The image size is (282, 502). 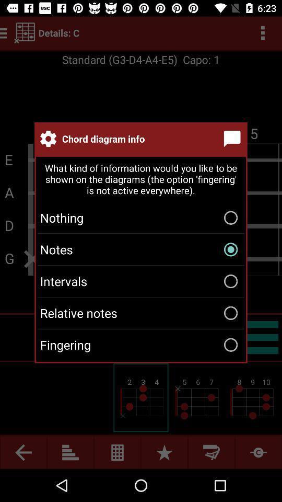 I want to click on intervals, so click(x=141, y=281).